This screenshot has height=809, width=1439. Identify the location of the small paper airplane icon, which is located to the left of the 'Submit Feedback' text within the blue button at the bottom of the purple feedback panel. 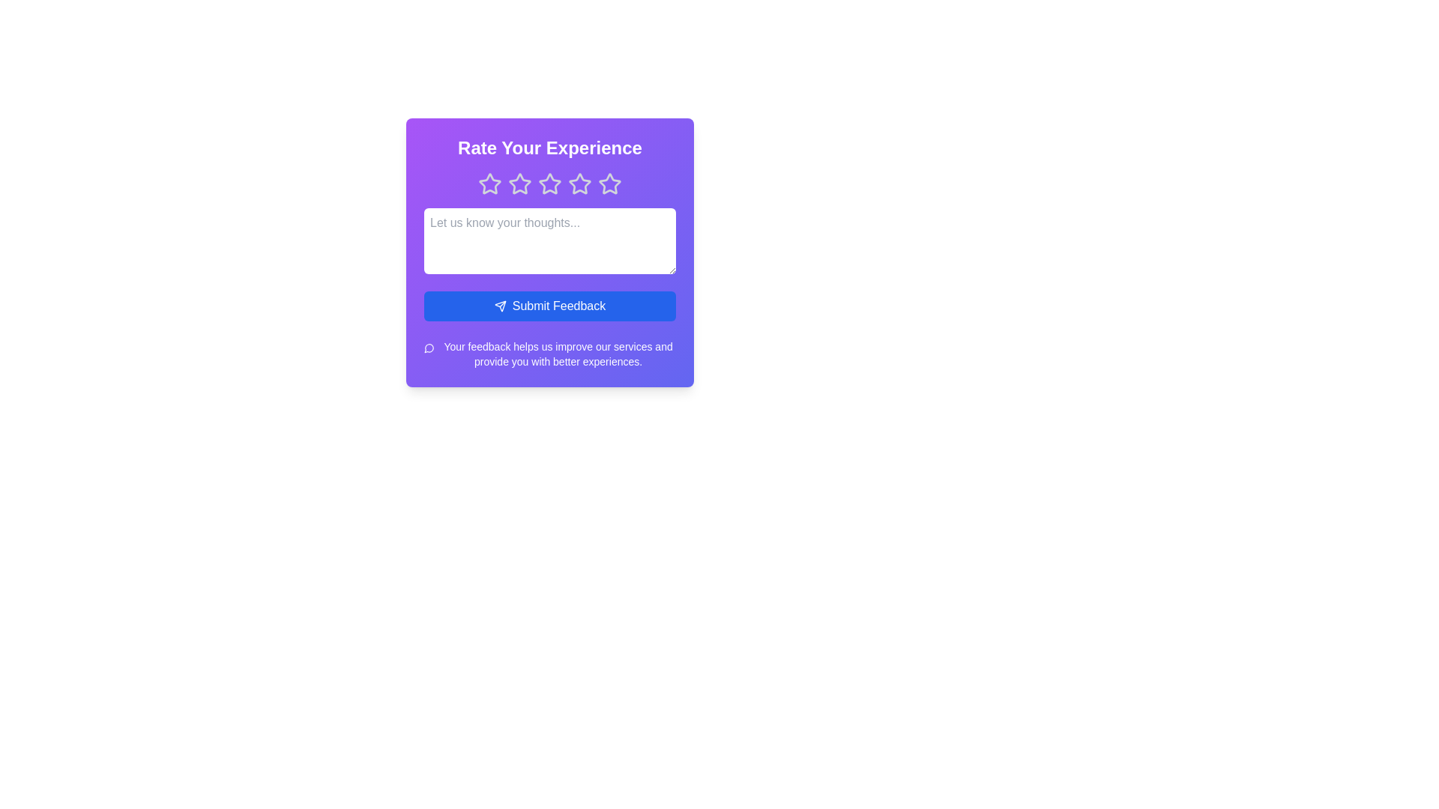
(500, 305).